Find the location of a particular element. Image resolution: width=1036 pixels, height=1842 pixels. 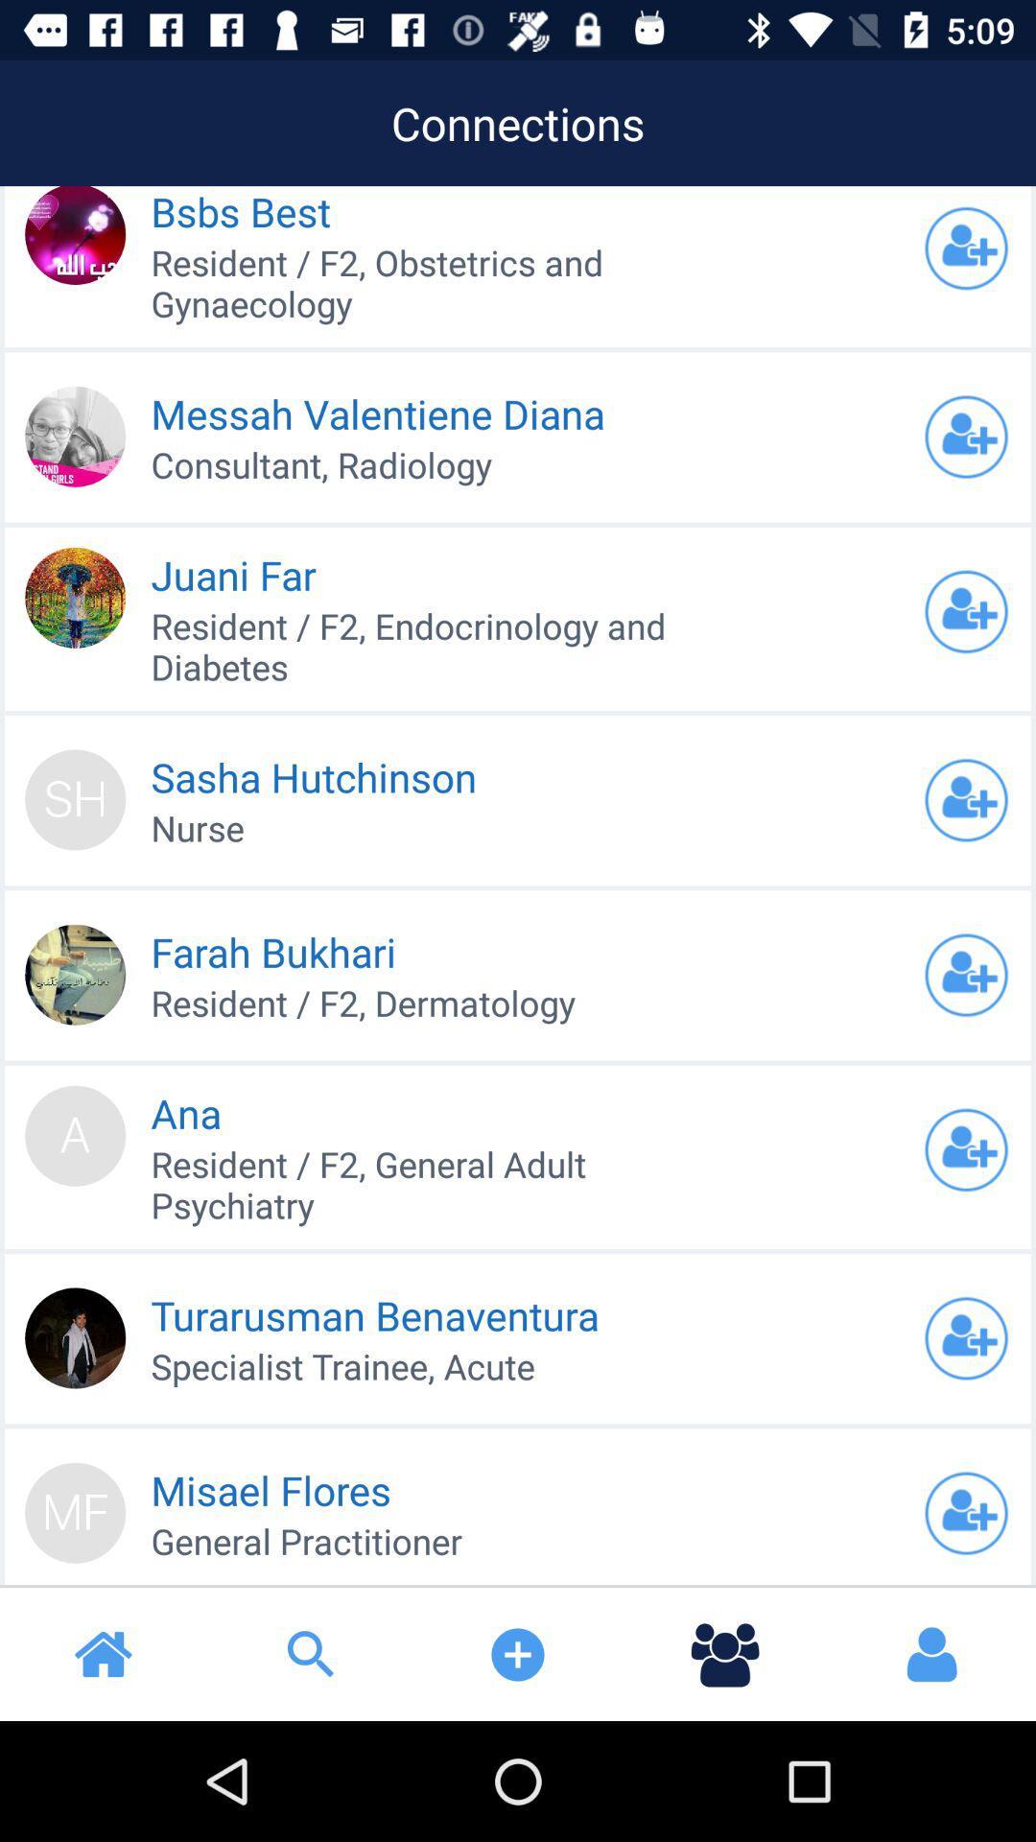

to your list is located at coordinates (966, 800).